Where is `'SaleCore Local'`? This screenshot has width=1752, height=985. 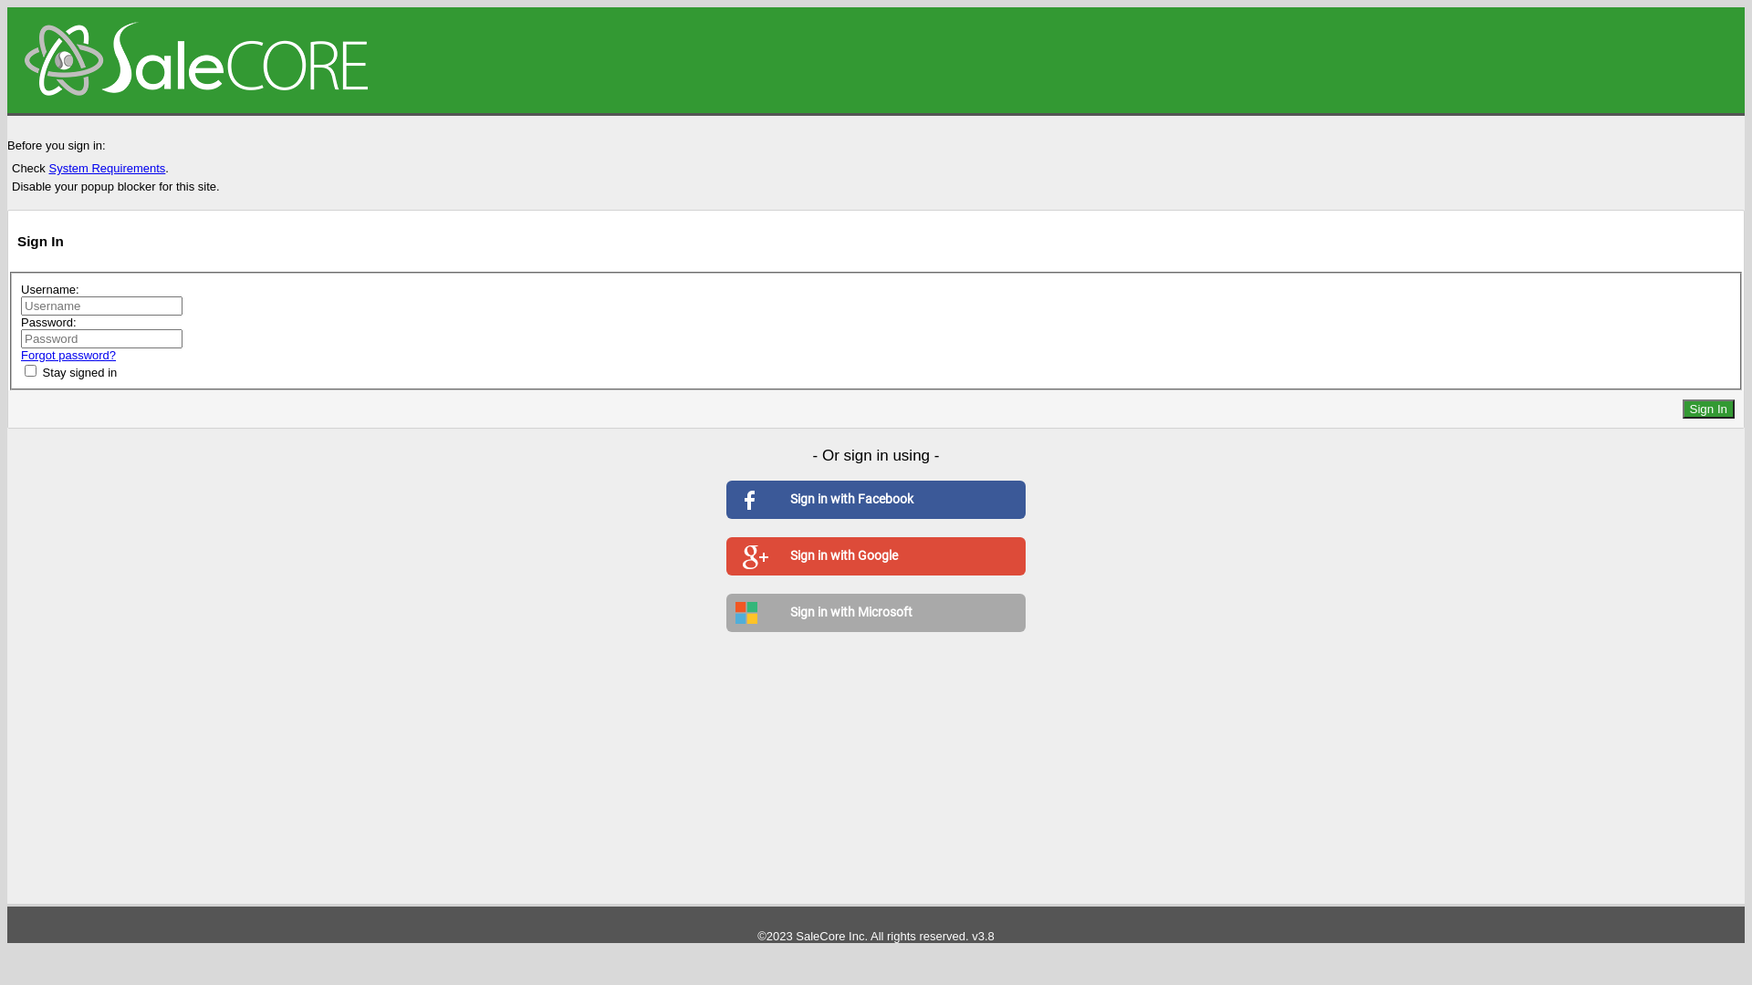 'SaleCore Local' is located at coordinates (198, 58).